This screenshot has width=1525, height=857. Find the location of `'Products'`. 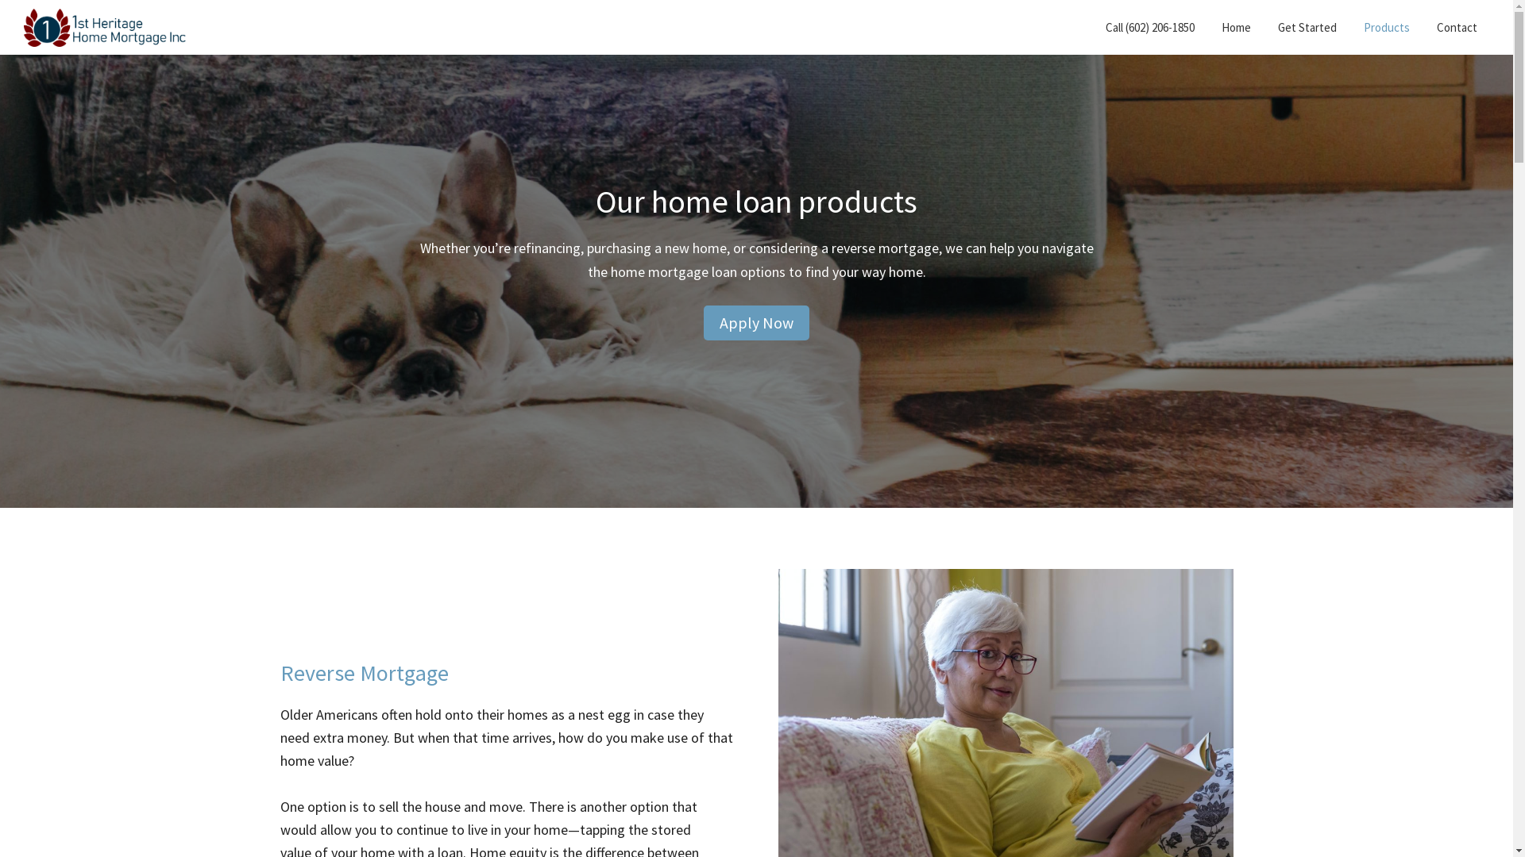

'Products' is located at coordinates (1386, 27).